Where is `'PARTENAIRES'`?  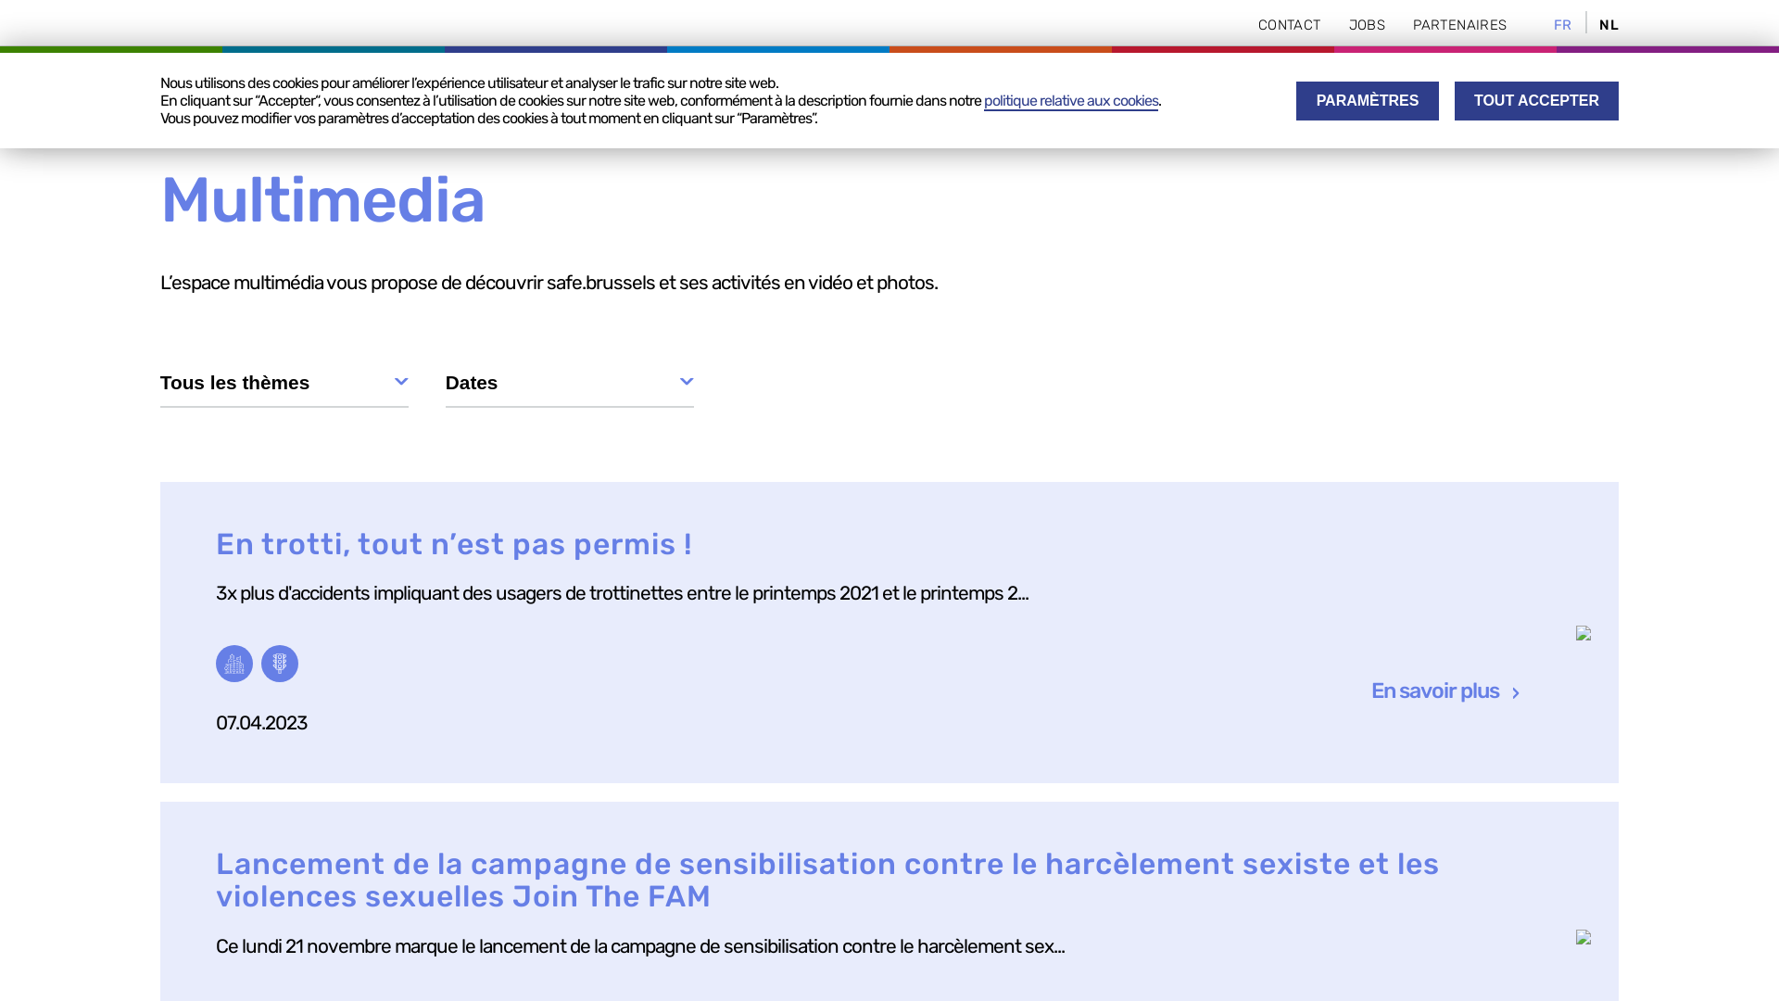 'PARTENAIRES' is located at coordinates (1412, 25).